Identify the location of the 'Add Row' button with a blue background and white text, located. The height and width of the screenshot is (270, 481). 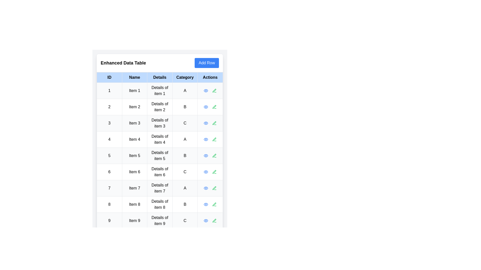
(207, 62).